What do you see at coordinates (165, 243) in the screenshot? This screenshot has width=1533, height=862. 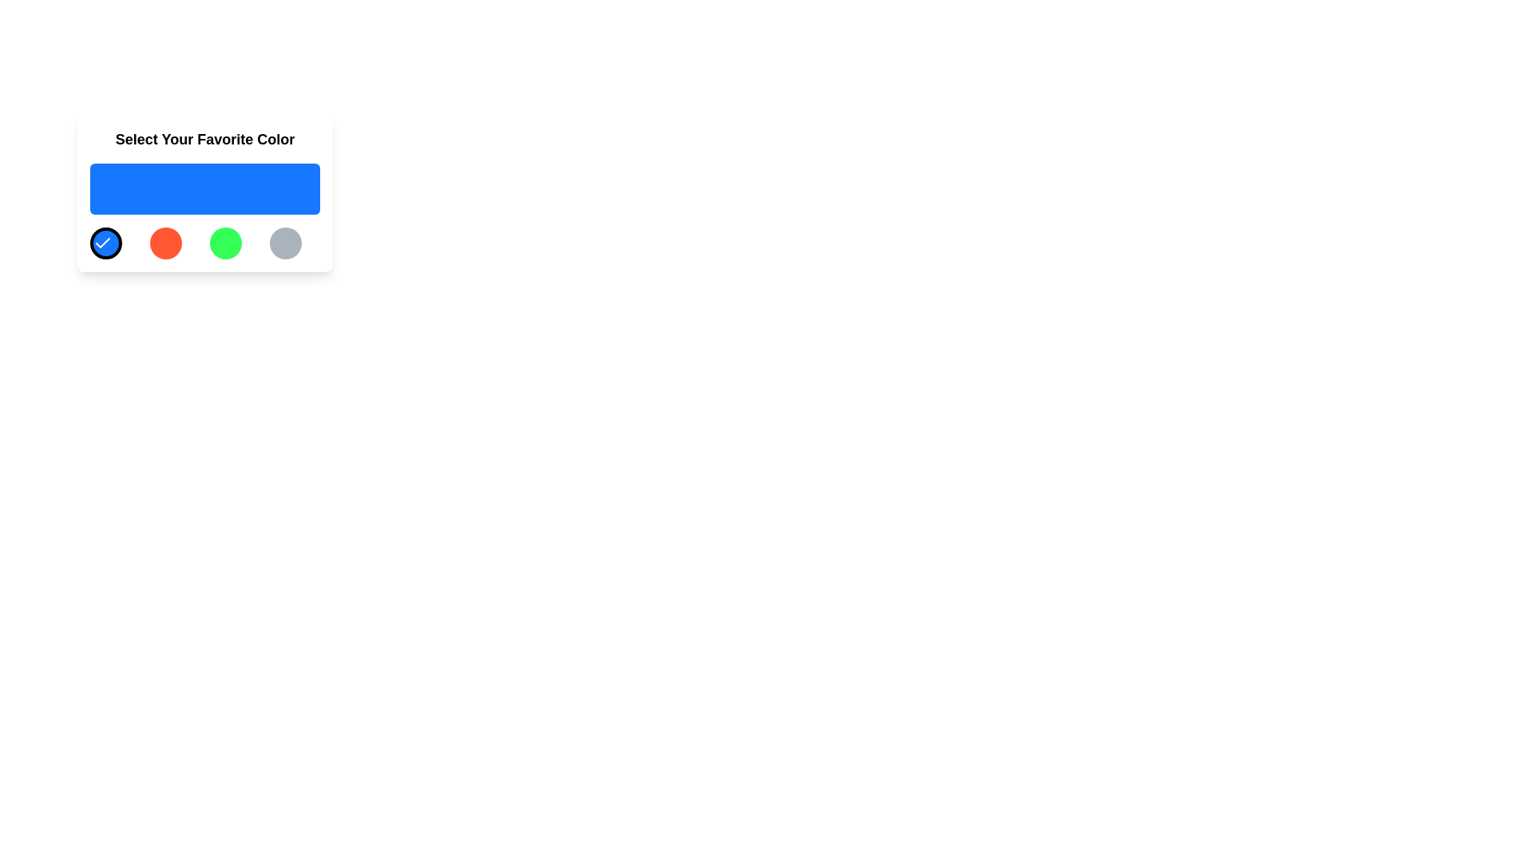 I see `the circular button with a red background, which is the second button in a row of four, located between the blue button with a checkmark and the green button` at bounding box center [165, 243].